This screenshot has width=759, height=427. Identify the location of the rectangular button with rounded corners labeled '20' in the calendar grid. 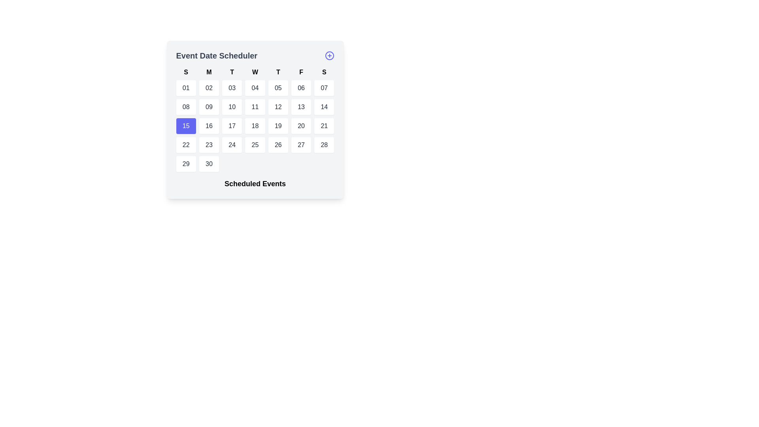
(301, 126).